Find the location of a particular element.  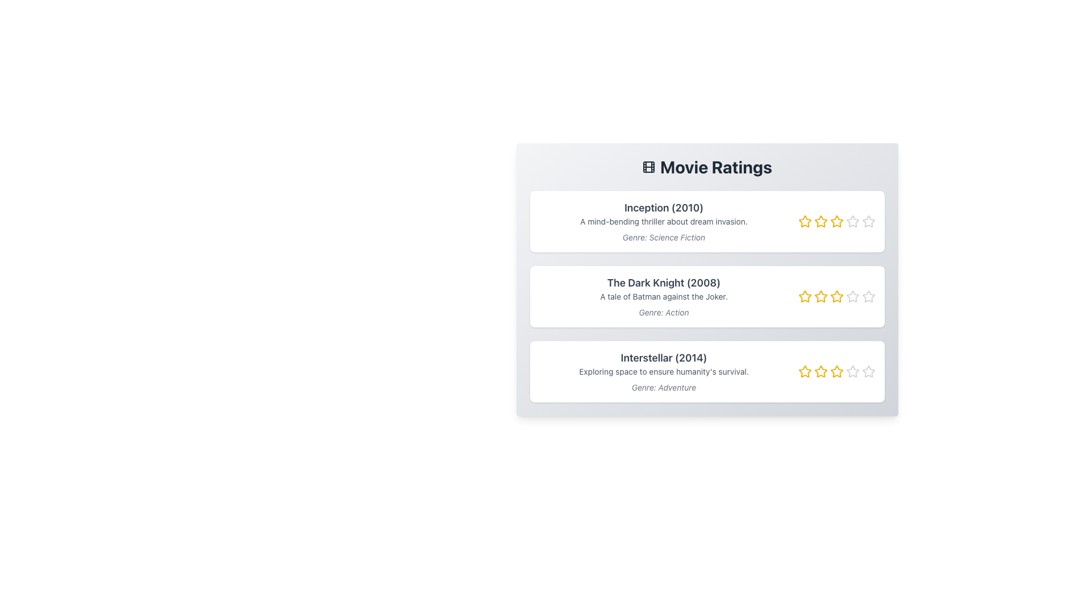

the second star in the rating component for 'The Dark Knight (2008)' to assign a rating is located at coordinates (821, 296).